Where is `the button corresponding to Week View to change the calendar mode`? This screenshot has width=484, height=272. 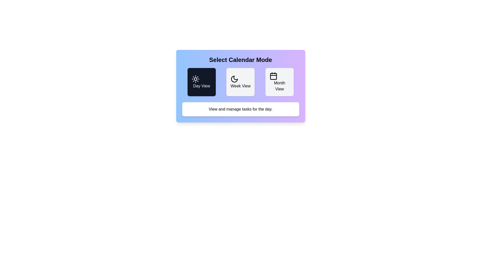 the button corresponding to Week View to change the calendar mode is located at coordinates (240, 82).